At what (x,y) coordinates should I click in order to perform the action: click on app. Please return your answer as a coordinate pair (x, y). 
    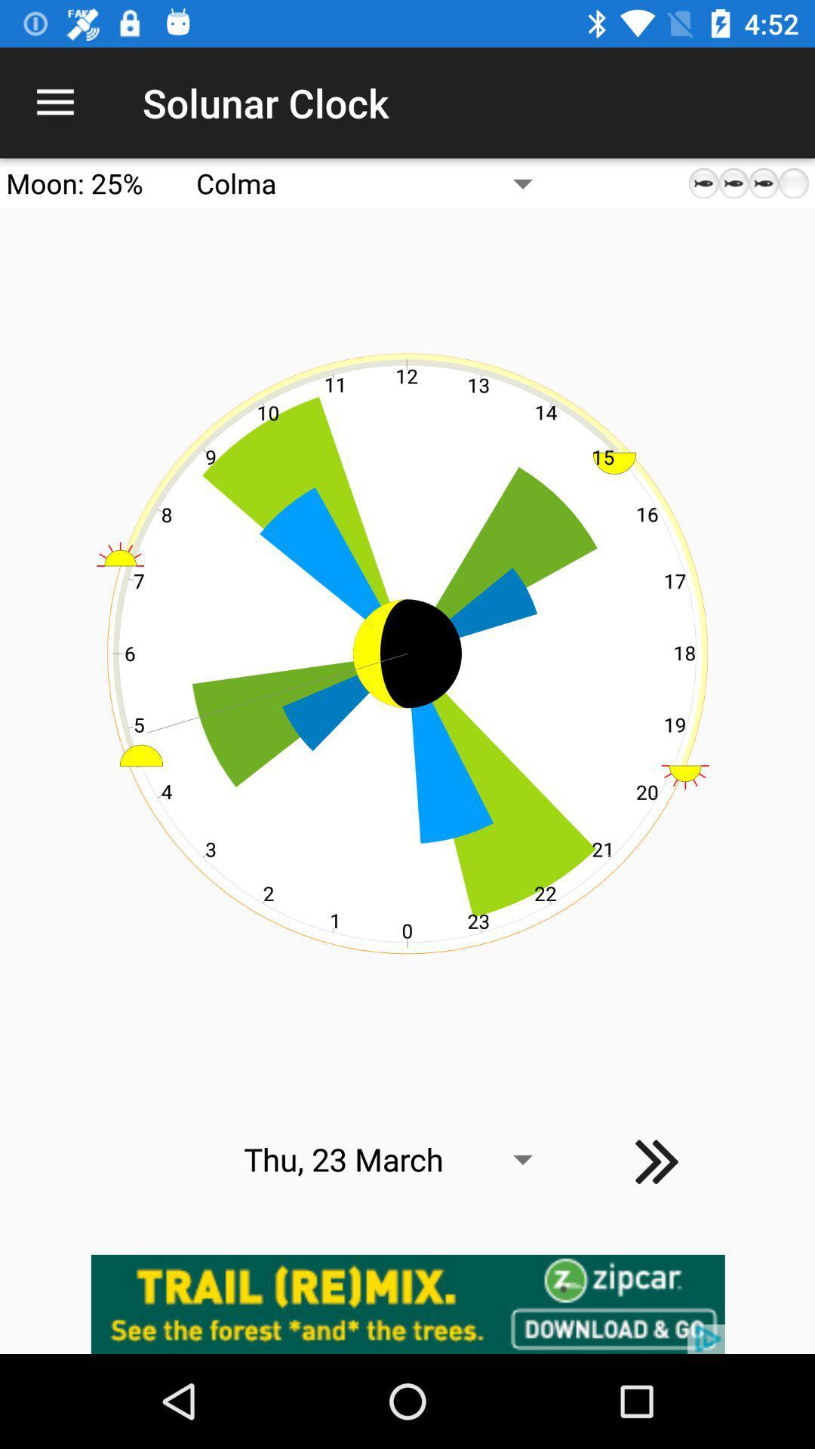
    Looking at the image, I should click on (407, 1303).